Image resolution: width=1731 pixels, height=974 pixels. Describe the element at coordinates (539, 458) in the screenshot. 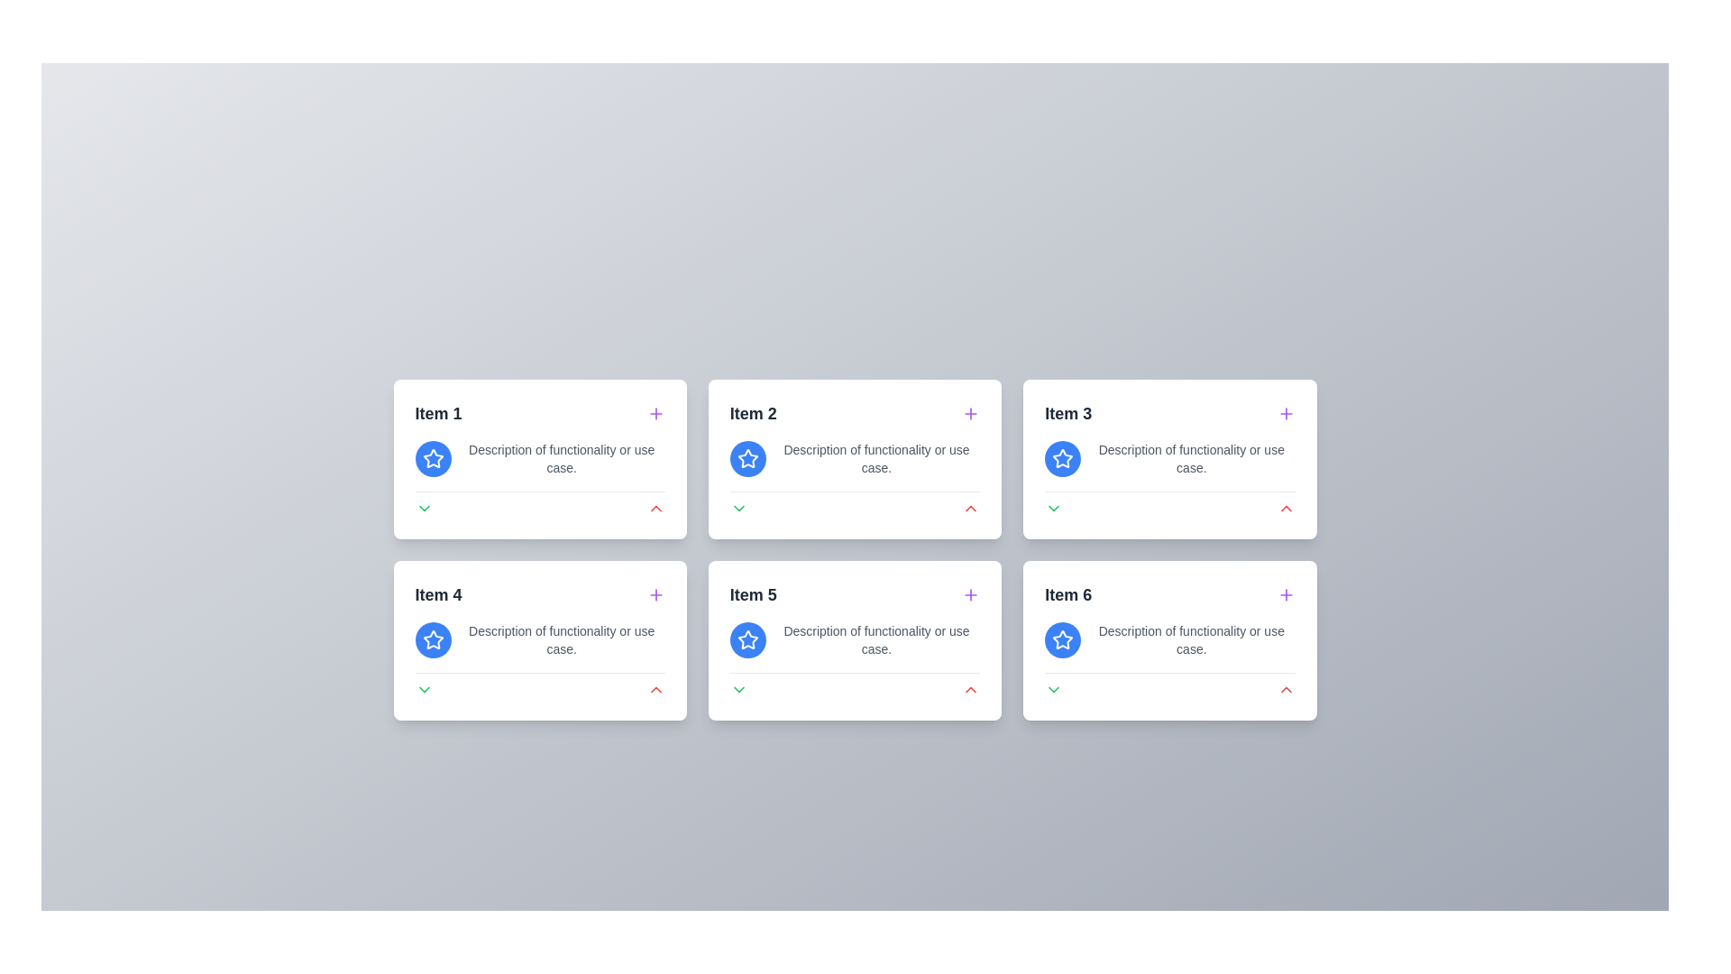

I see `the first interactive card located at the top-left corner of the grid` at that location.